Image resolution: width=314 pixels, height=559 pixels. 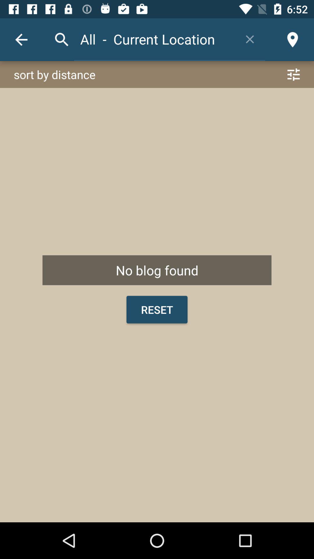 What do you see at coordinates (249, 39) in the screenshot?
I see `item next to the all  -  current location` at bounding box center [249, 39].